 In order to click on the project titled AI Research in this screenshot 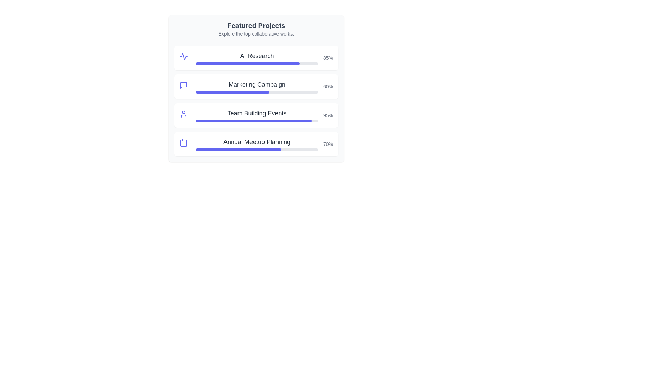, I will do `click(256, 56)`.